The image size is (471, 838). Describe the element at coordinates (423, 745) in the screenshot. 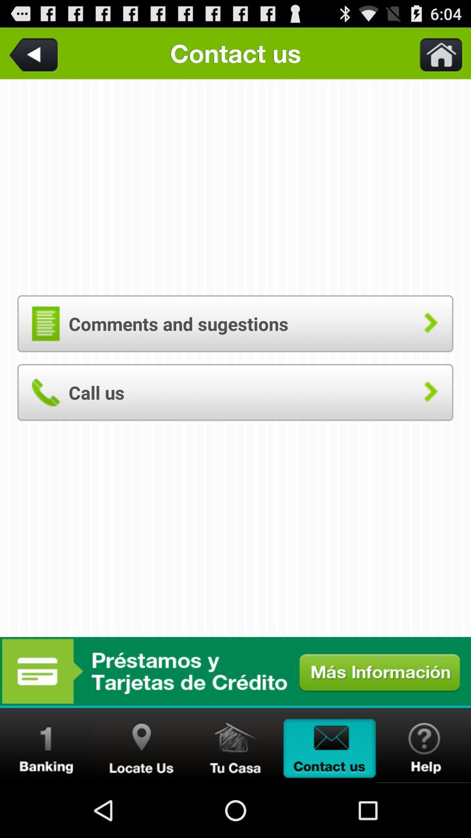

I see `help icon` at that location.